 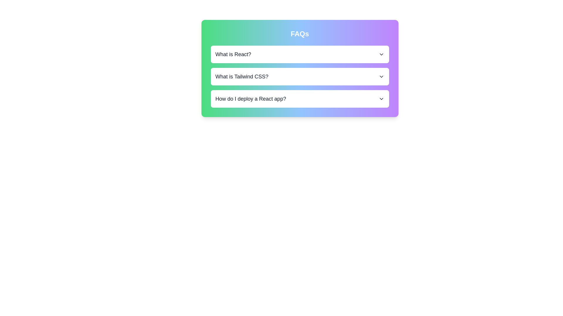 What do you see at coordinates (300, 54) in the screenshot?
I see `the first Collapsible list item labeled 'What is React?' in the FAQs section by moving the mouse to its center point` at bounding box center [300, 54].